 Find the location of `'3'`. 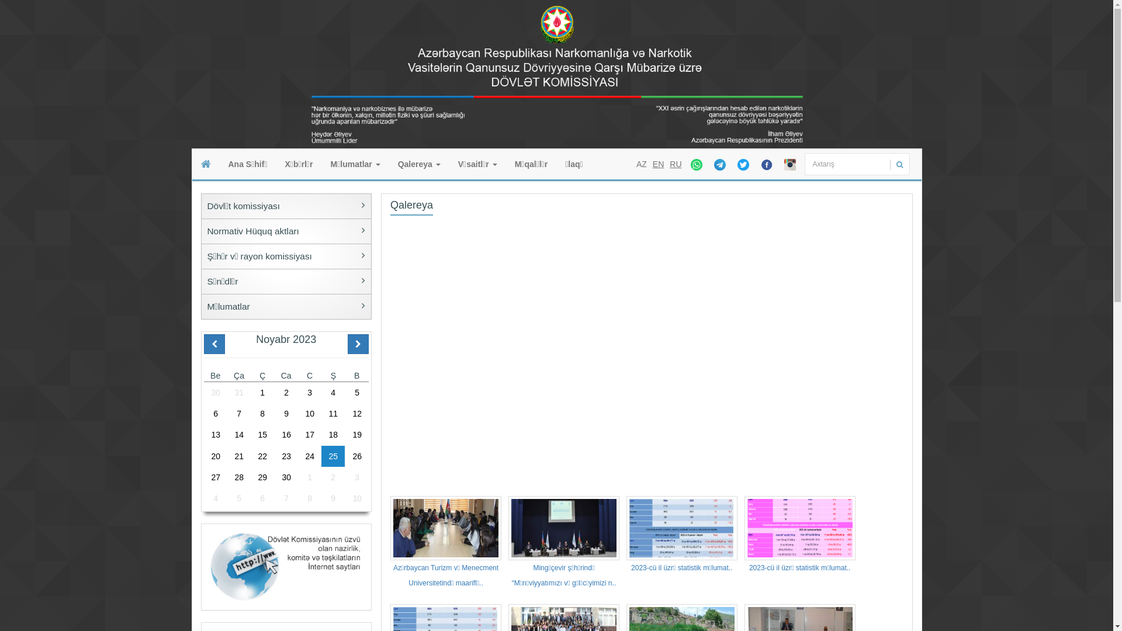

'3' is located at coordinates (297, 392).